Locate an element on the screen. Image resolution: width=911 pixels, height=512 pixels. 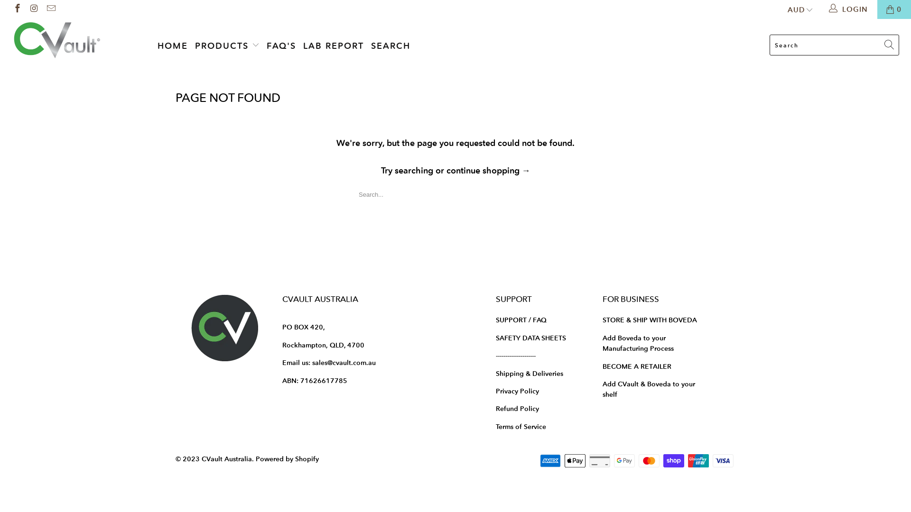
'Terms of Service' is located at coordinates (521, 426).